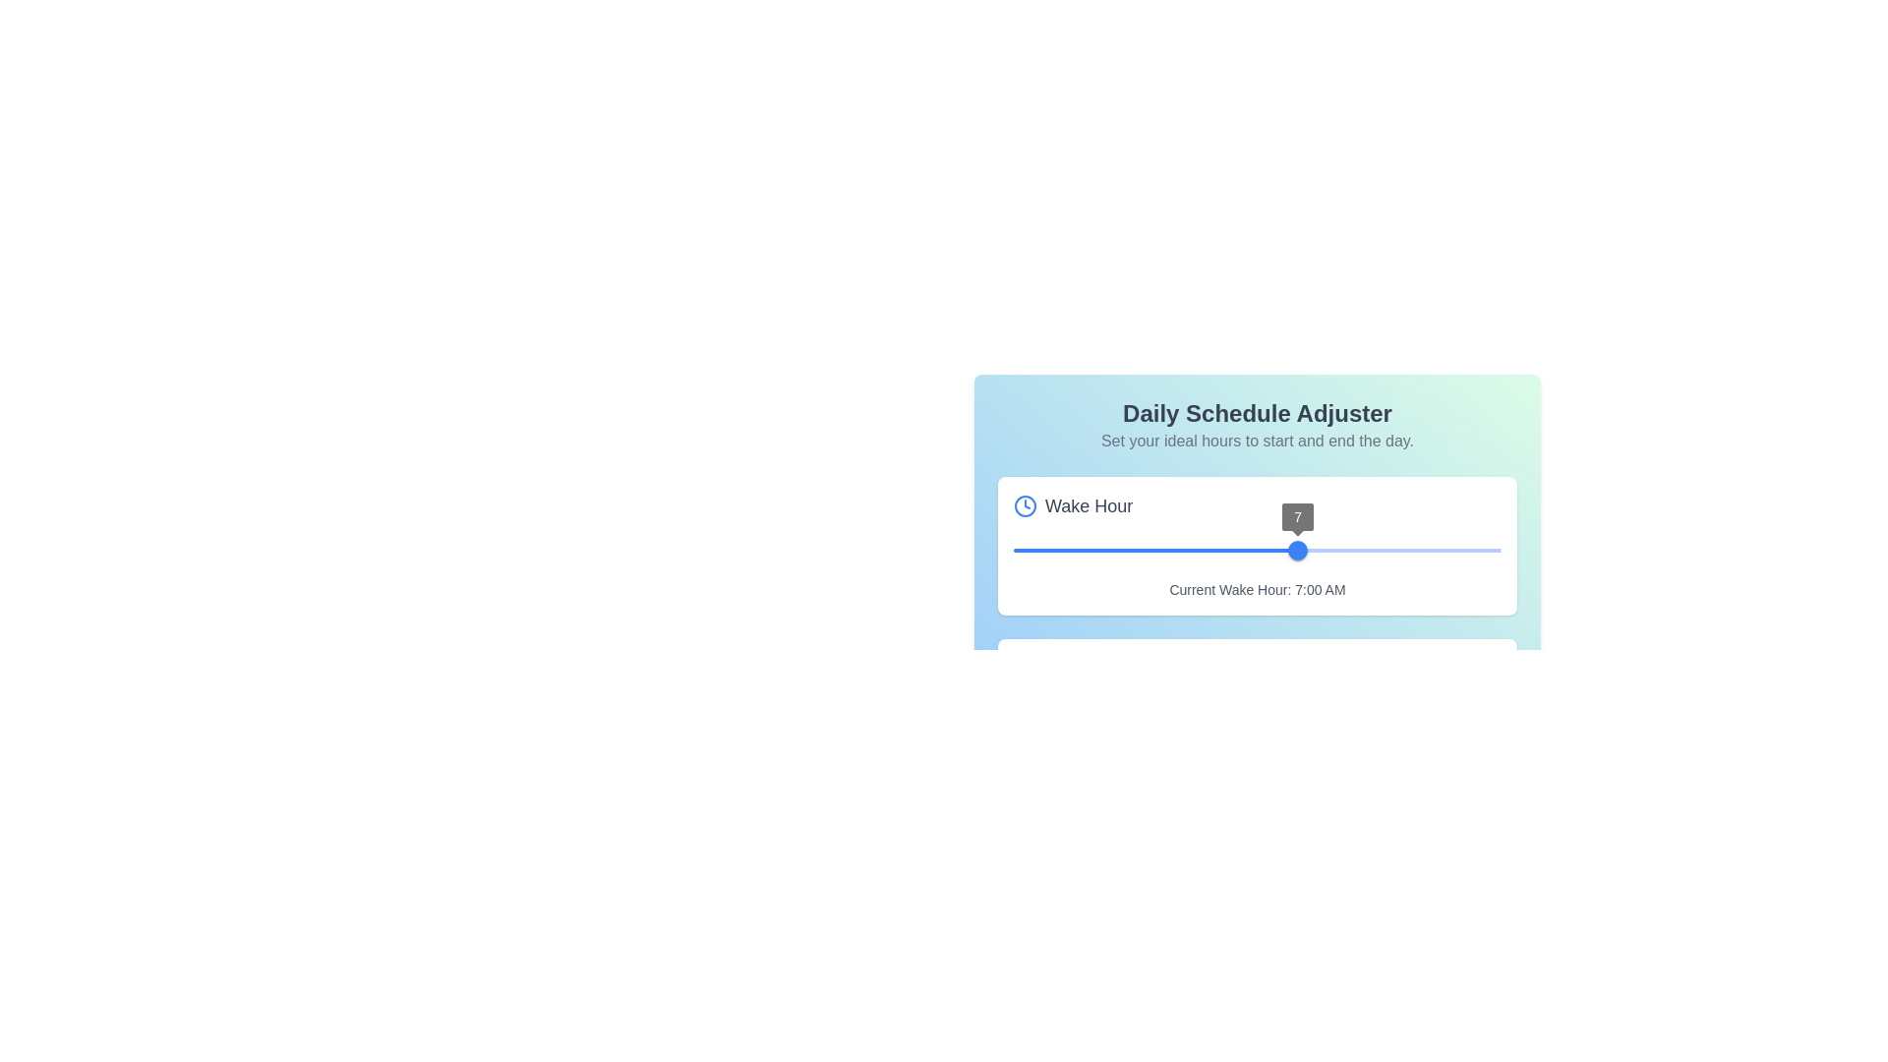 The image size is (1888, 1062). I want to click on the wake hour, so click(1182, 550).